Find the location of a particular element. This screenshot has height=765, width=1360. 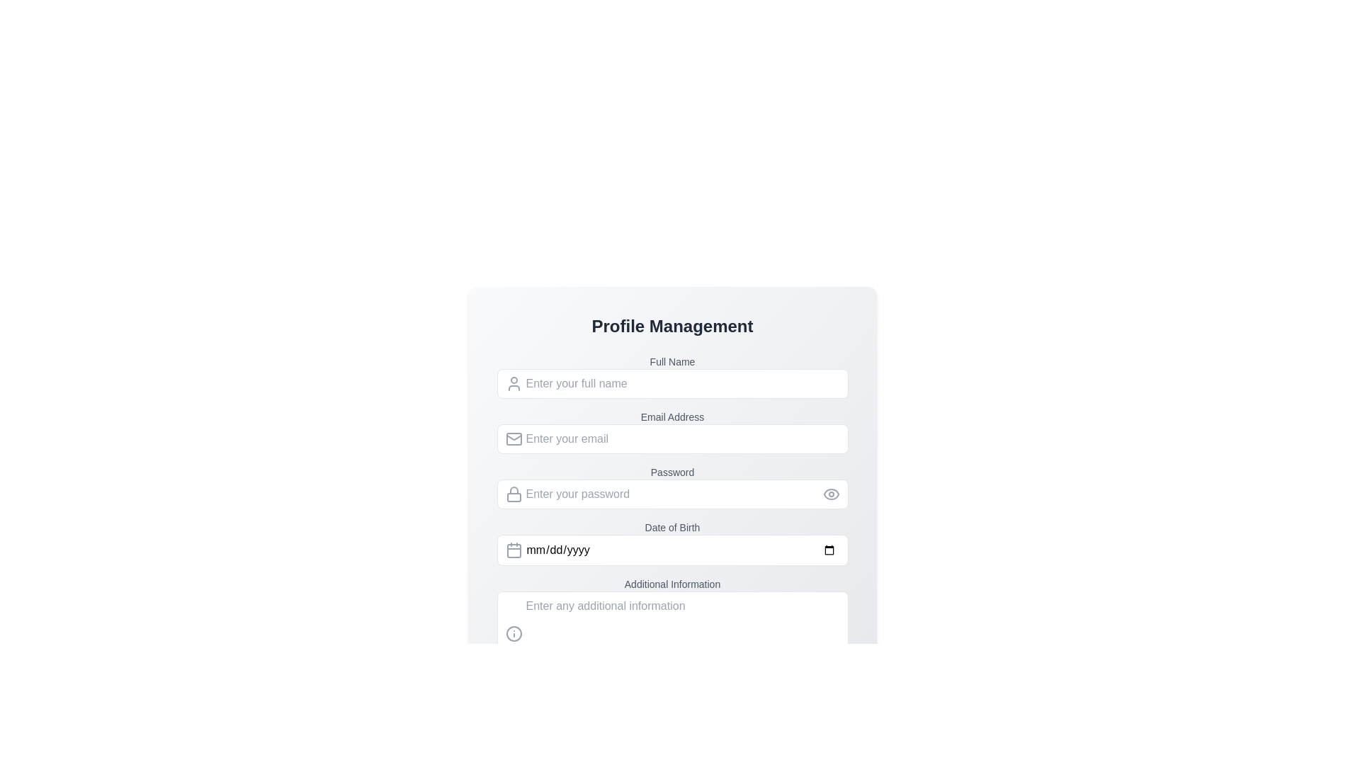

the graphical SVG component of the envelope icon that visually represents the email address field in the profile management form is located at coordinates (513, 438).